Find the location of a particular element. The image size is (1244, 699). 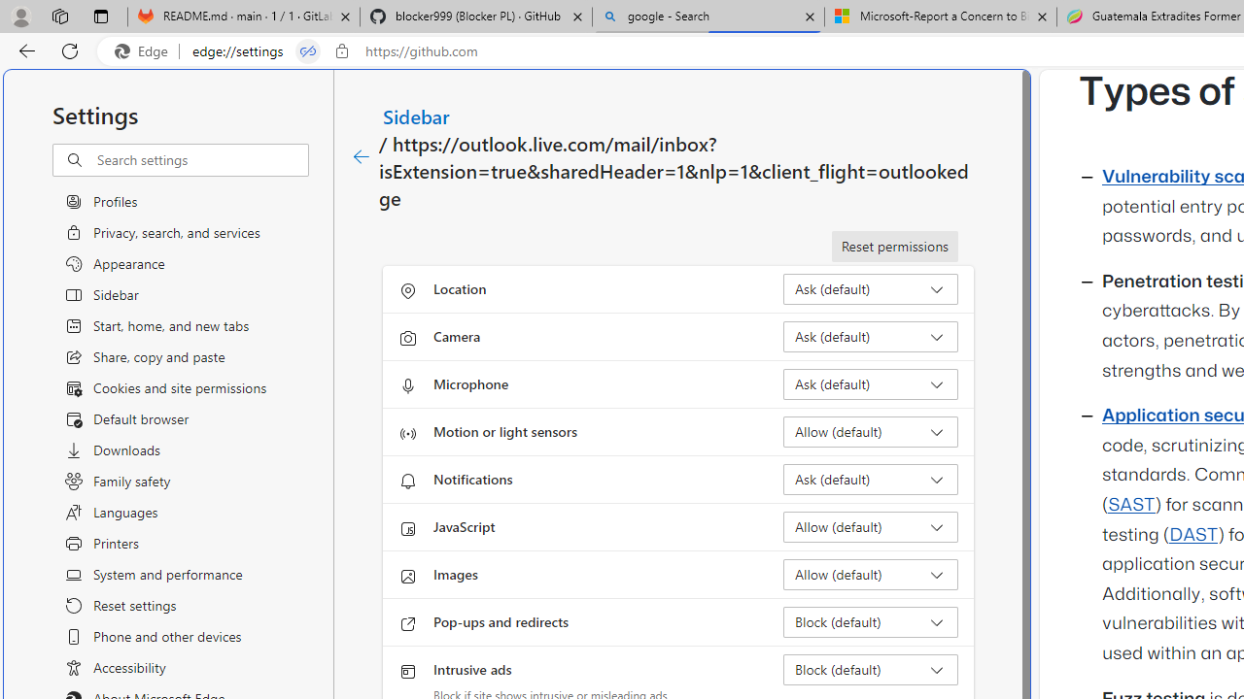

'Reset permissions' is located at coordinates (893, 246).